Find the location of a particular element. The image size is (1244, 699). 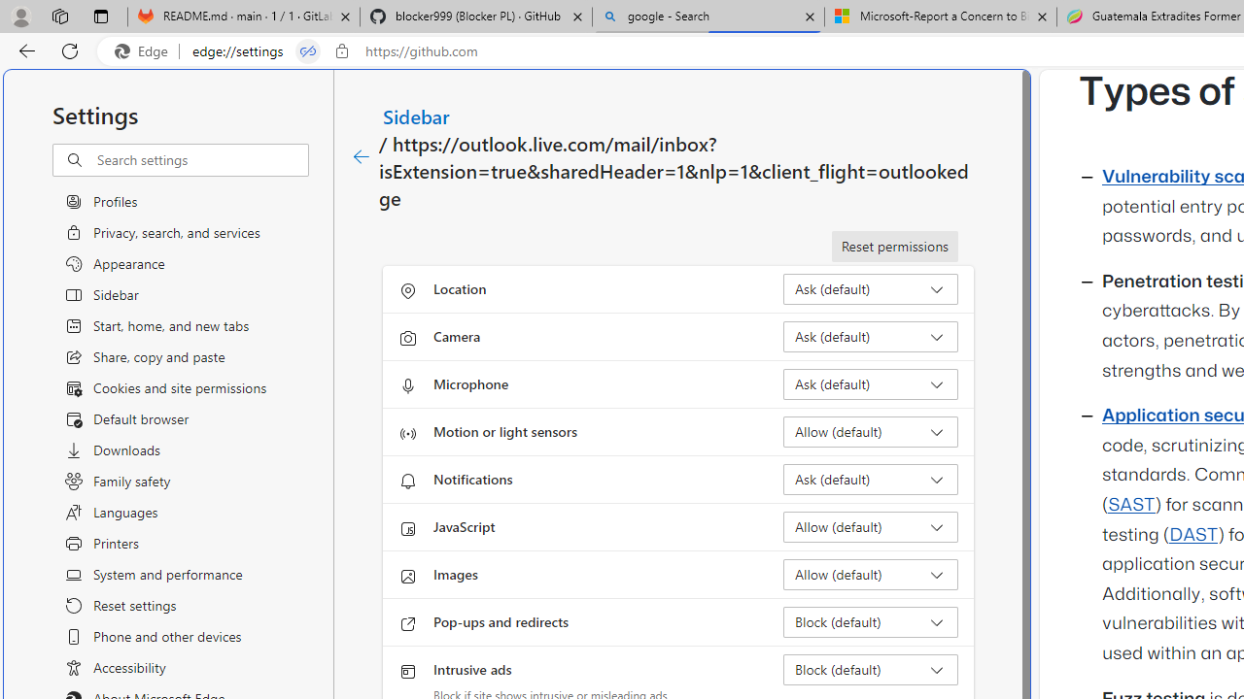

'Reset permissions' is located at coordinates (893, 246).